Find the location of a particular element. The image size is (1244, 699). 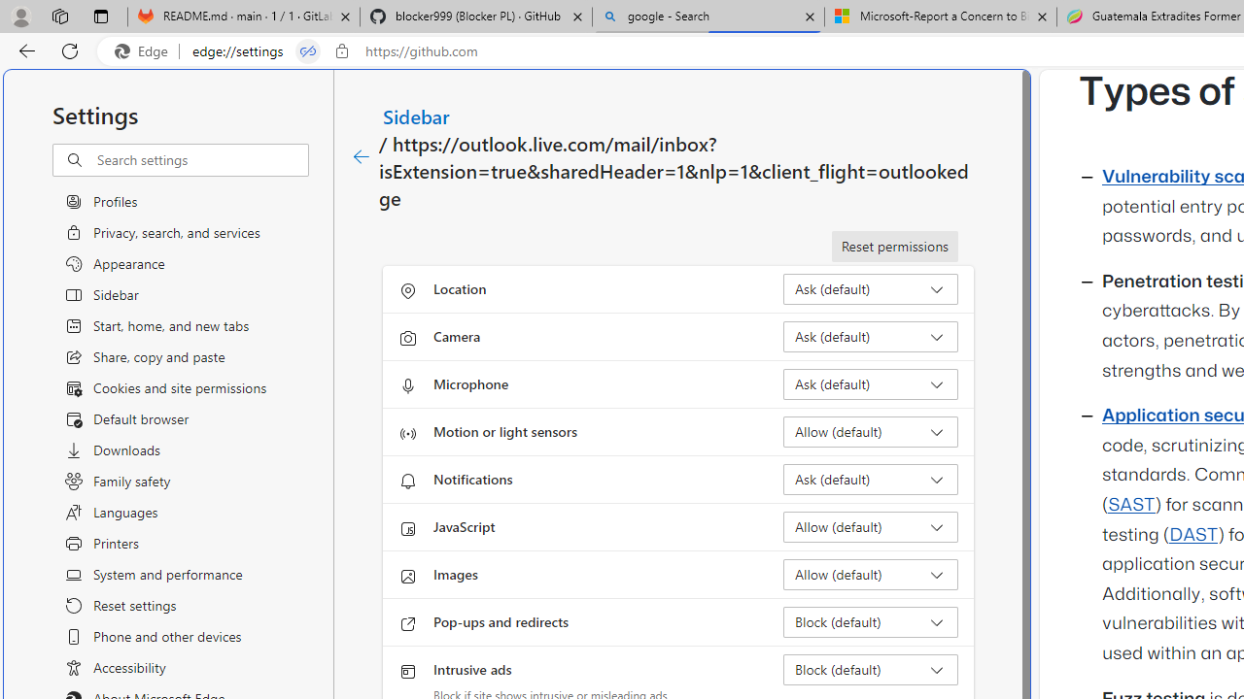

'Reset permissions' is located at coordinates (893, 246).